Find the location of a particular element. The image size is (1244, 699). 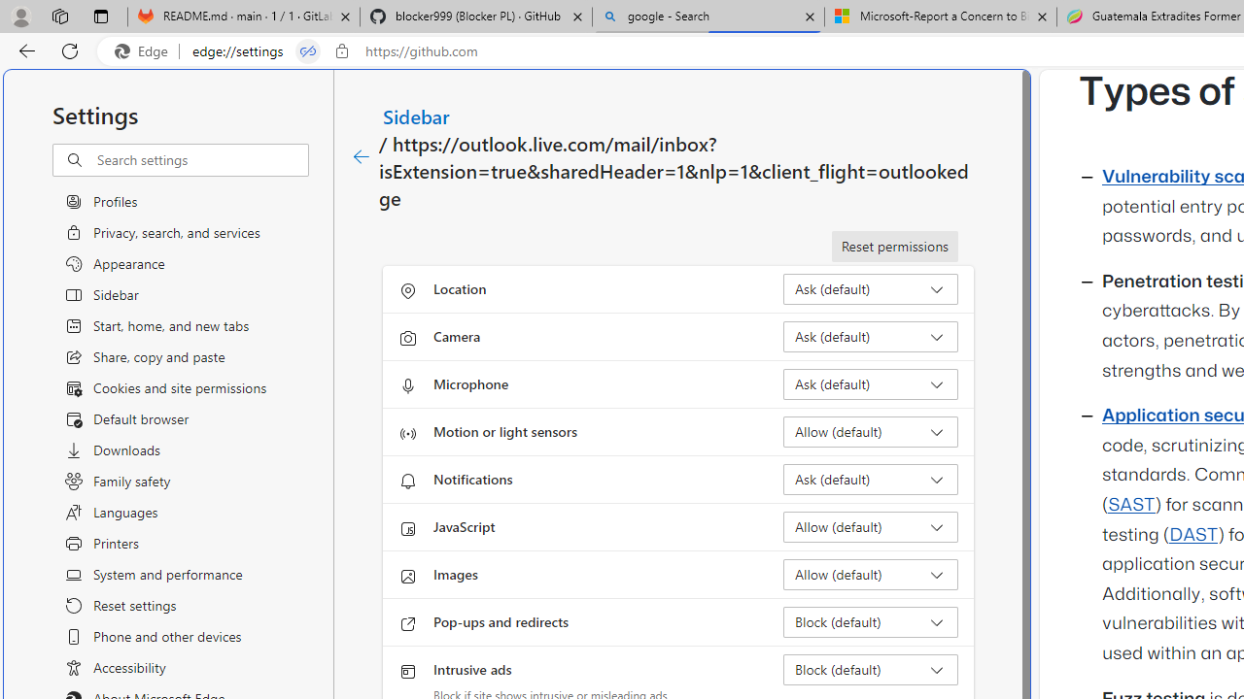

'Reset permissions' is located at coordinates (893, 246).